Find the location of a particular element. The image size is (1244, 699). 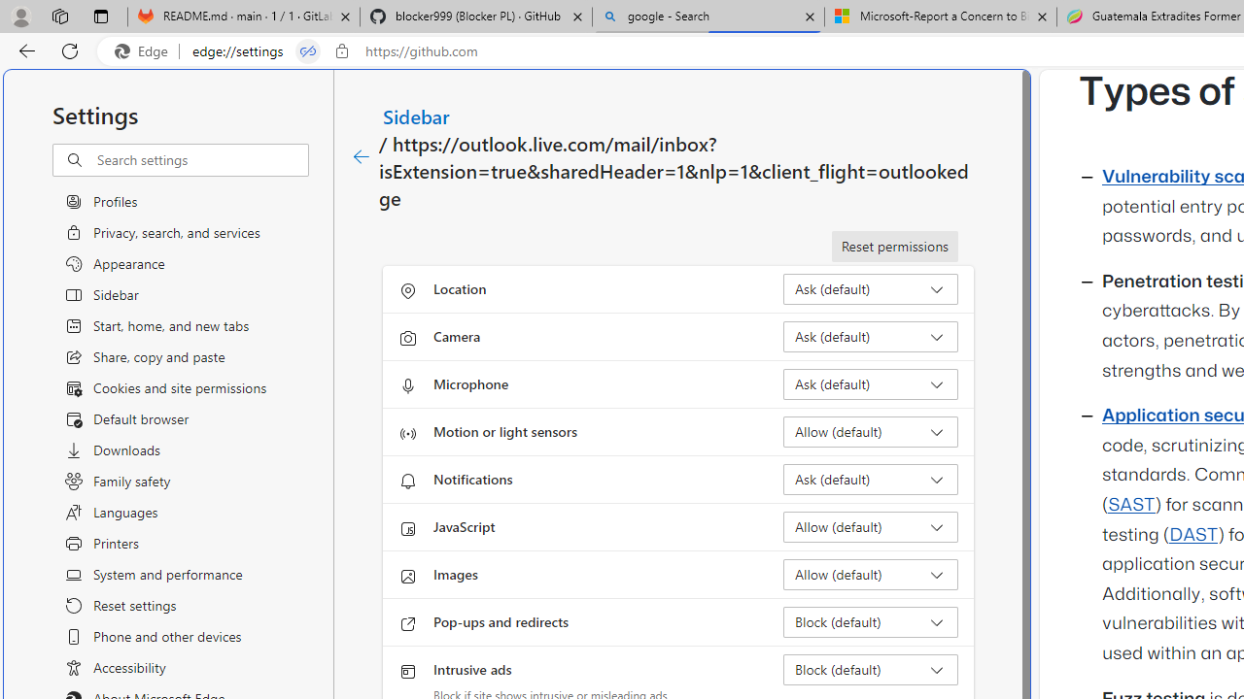

'Reset permissions' is located at coordinates (893, 246).